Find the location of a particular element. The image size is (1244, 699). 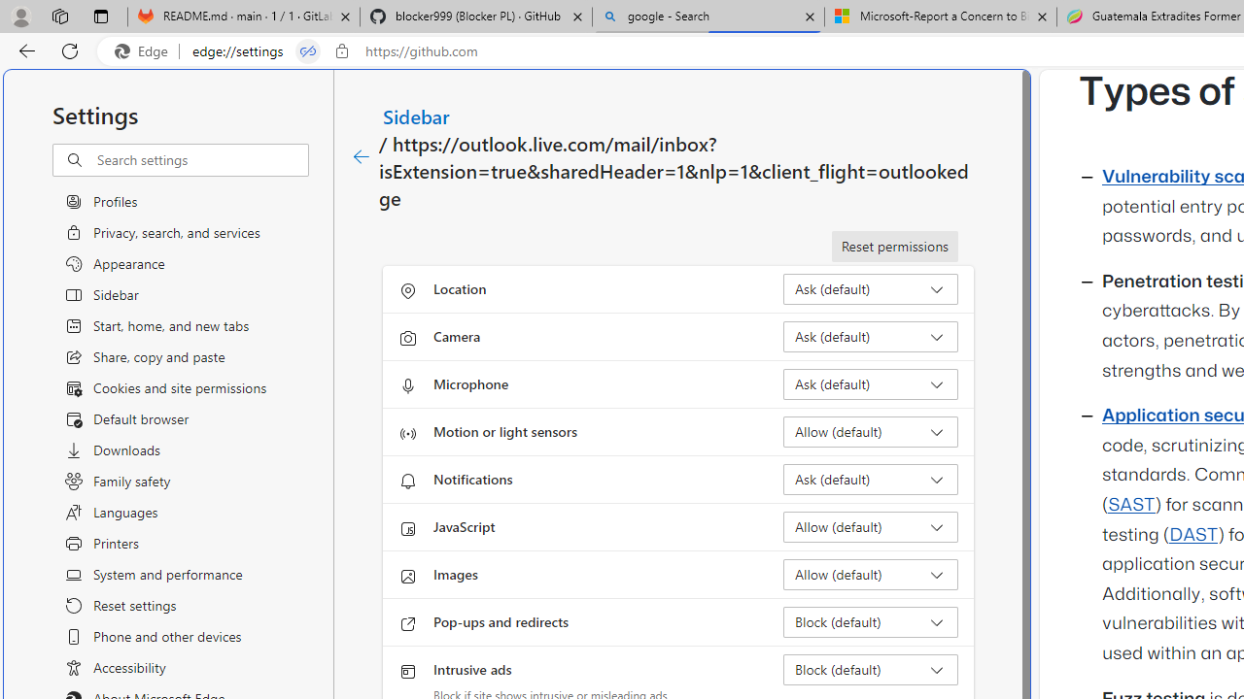

'Reset permissions' is located at coordinates (893, 246).